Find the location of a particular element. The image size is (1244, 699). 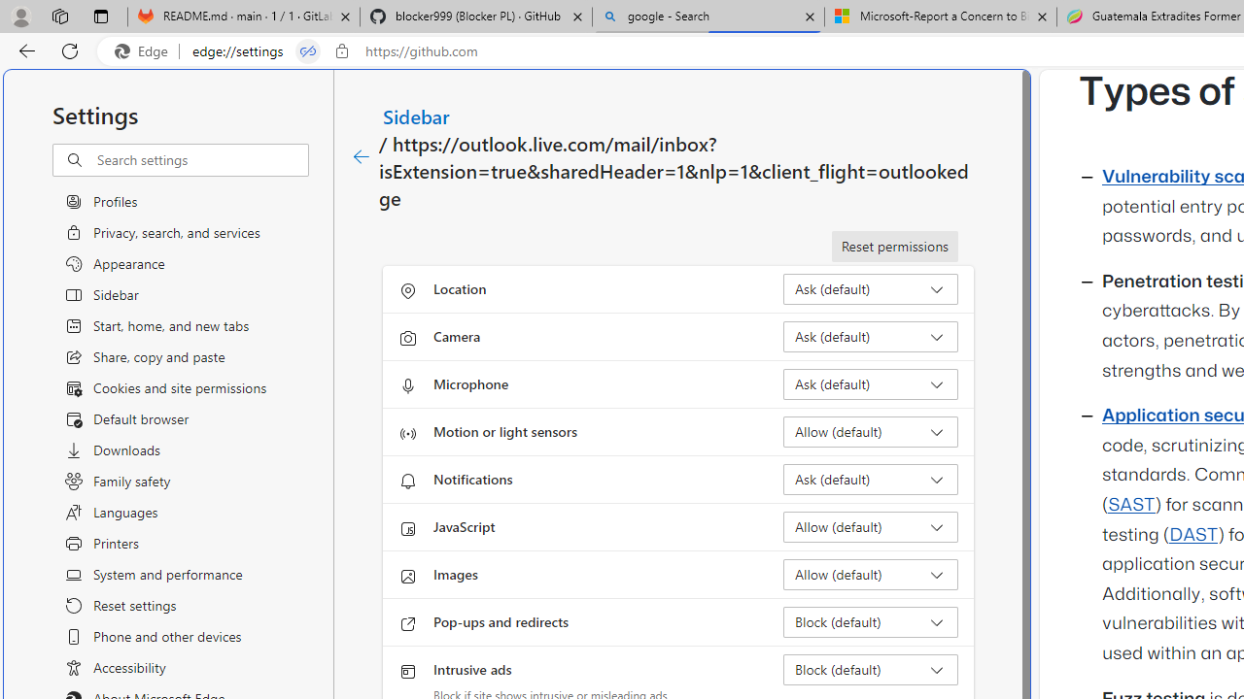

'Reset permissions' is located at coordinates (893, 246).